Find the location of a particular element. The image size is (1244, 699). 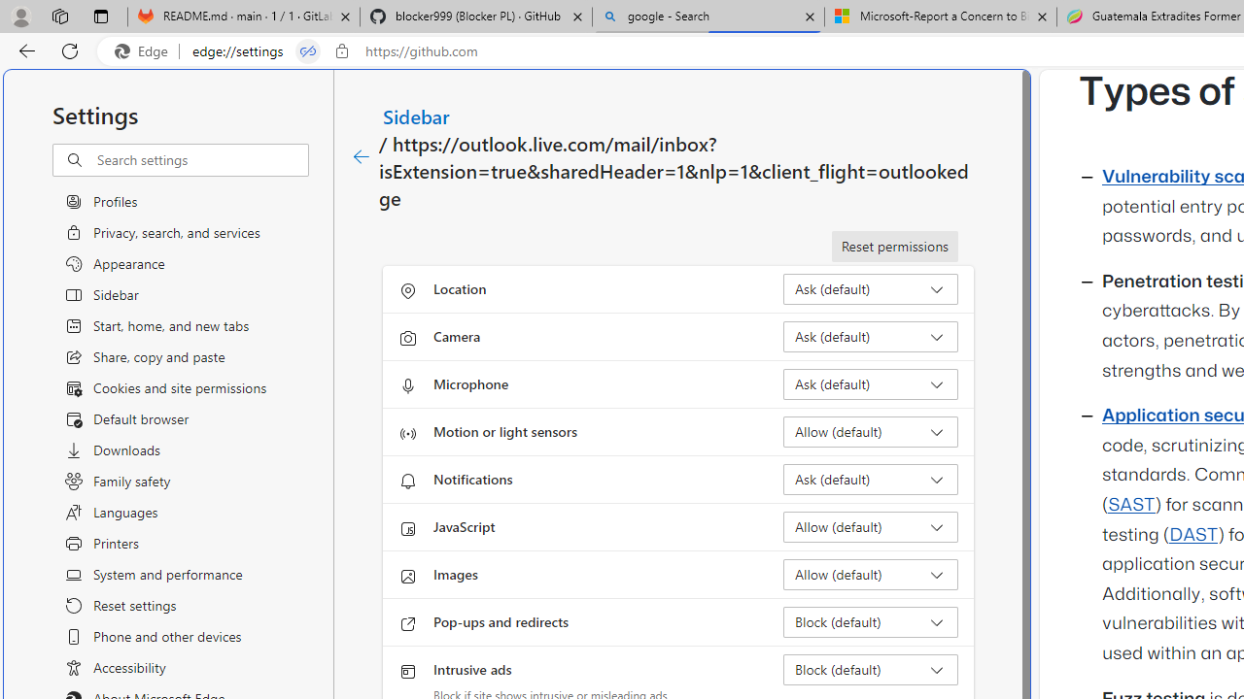

'Reset permissions' is located at coordinates (893, 246).